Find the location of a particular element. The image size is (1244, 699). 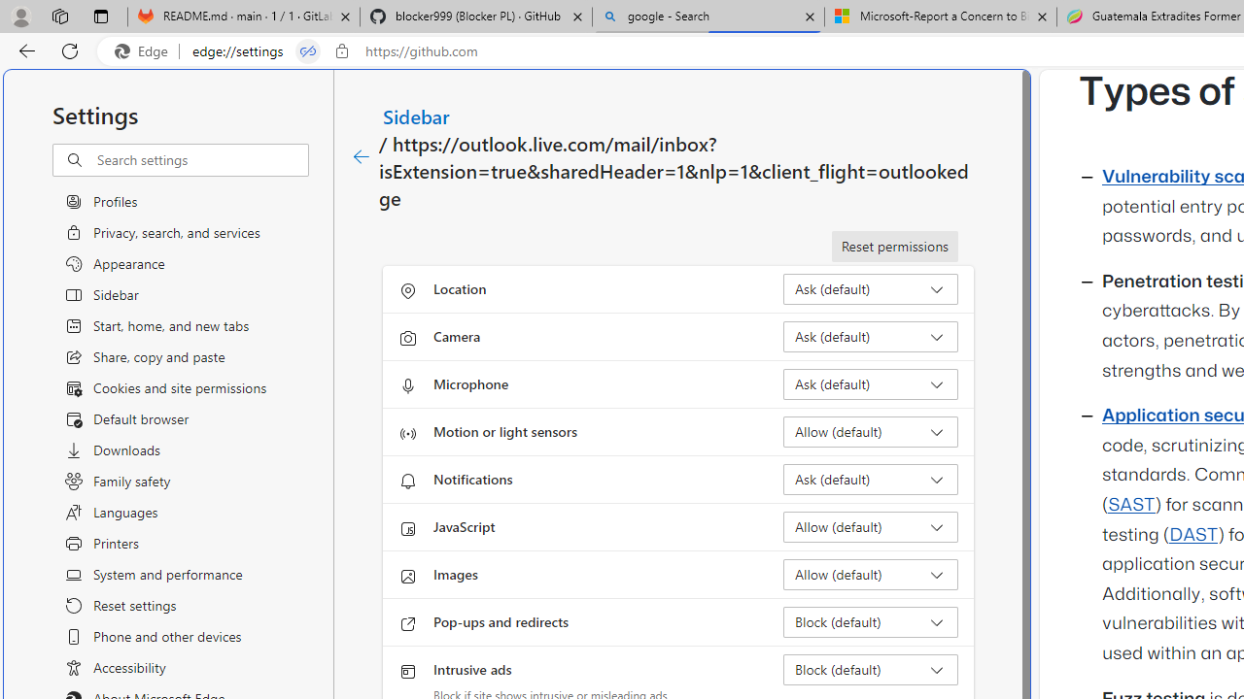

'Reset permissions' is located at coordinates (893, 246).